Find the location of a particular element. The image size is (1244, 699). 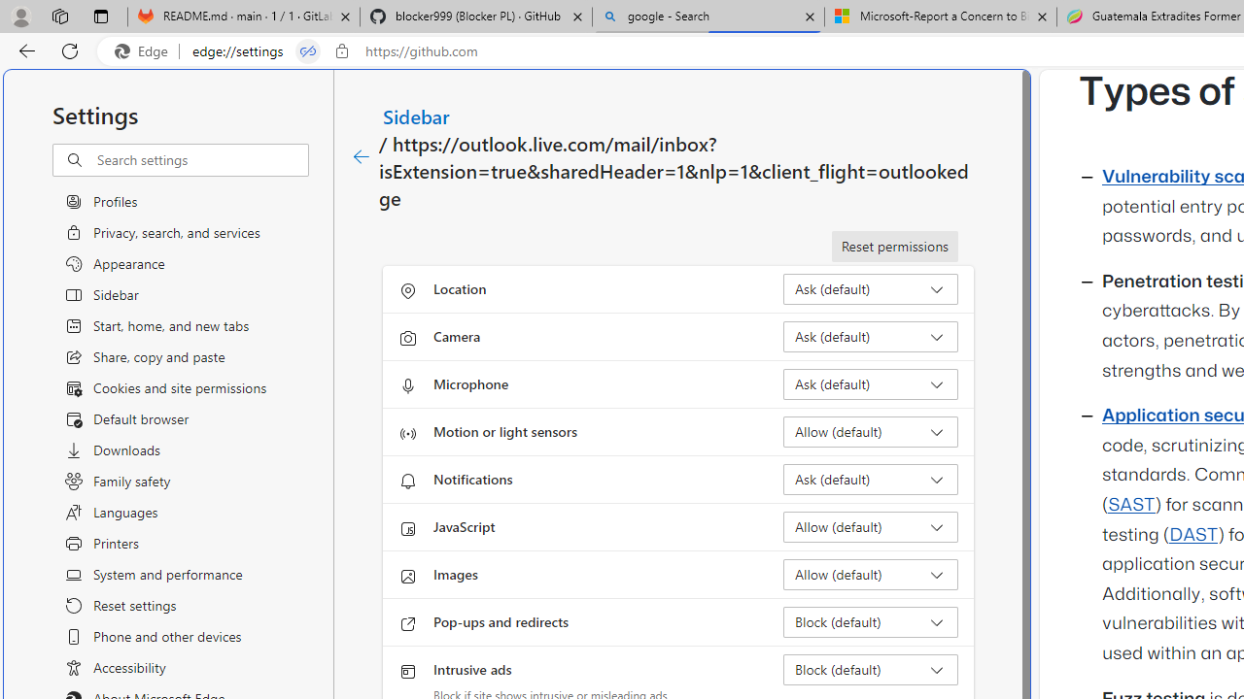

'Reset permissions' is located at coordinates (893, 246).